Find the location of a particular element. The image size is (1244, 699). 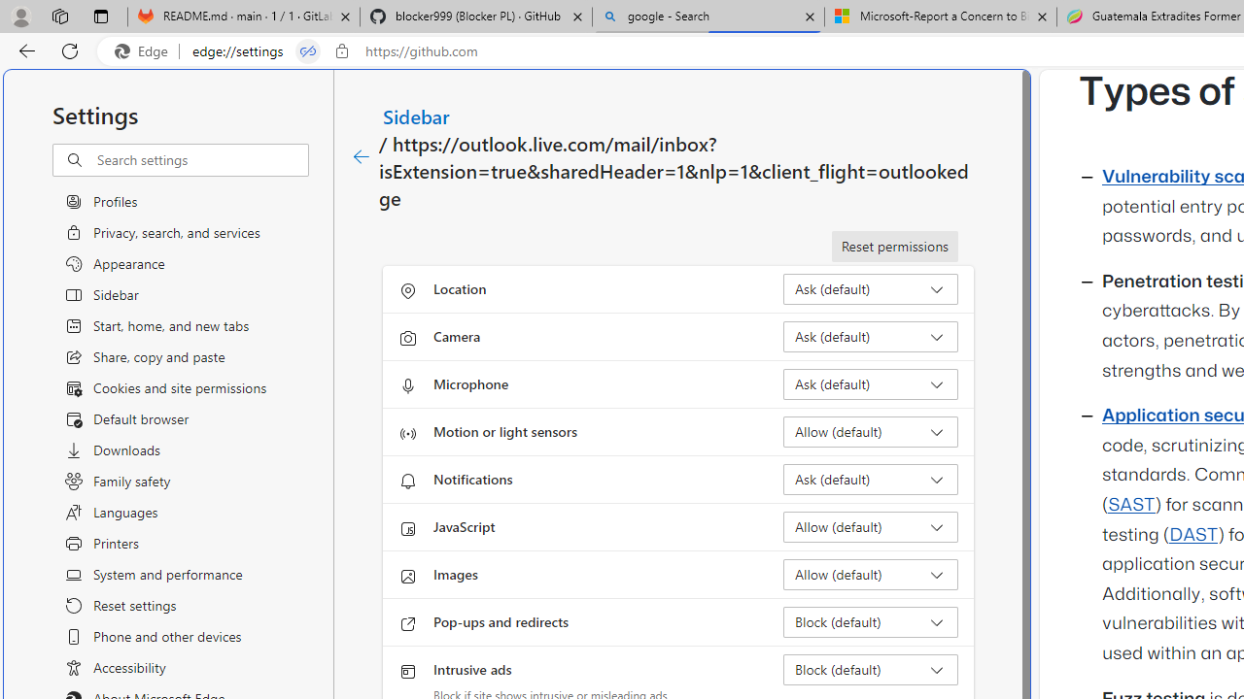

'Reset permissions' is located at coordinates (893, 246).